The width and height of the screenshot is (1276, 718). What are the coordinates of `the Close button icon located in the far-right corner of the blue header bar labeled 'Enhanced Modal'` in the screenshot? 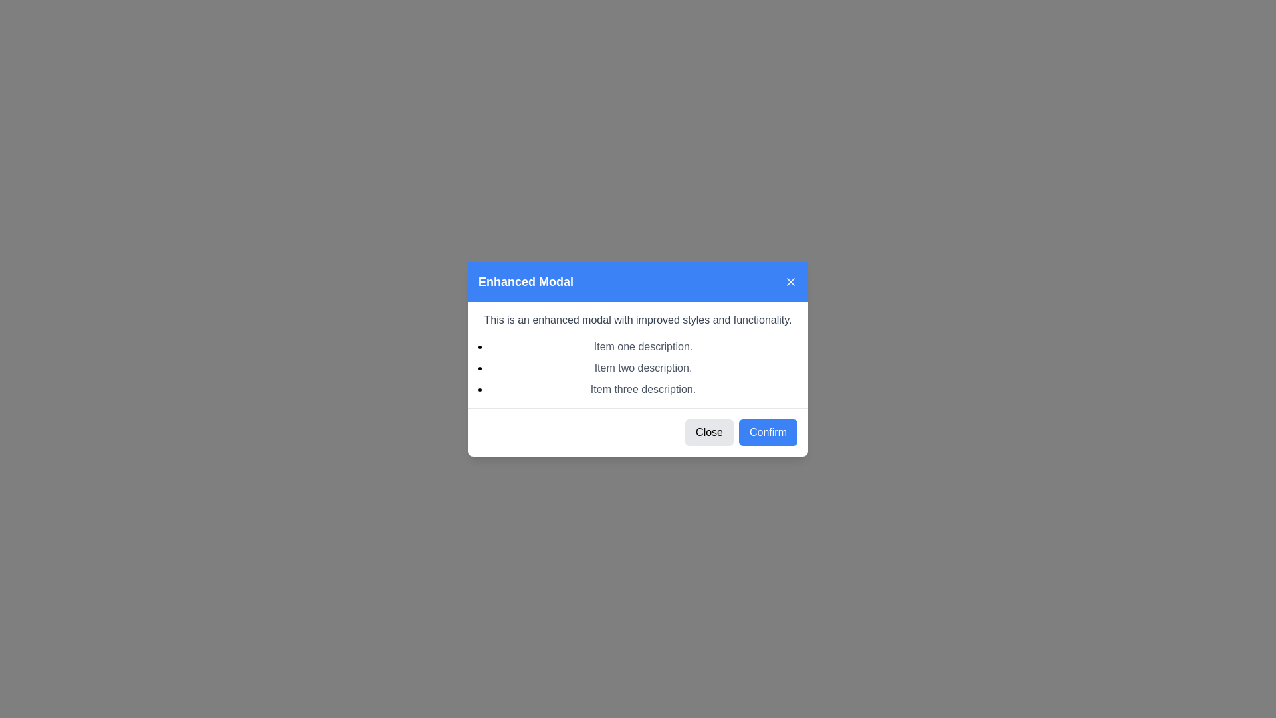 It's located at (791, 281).